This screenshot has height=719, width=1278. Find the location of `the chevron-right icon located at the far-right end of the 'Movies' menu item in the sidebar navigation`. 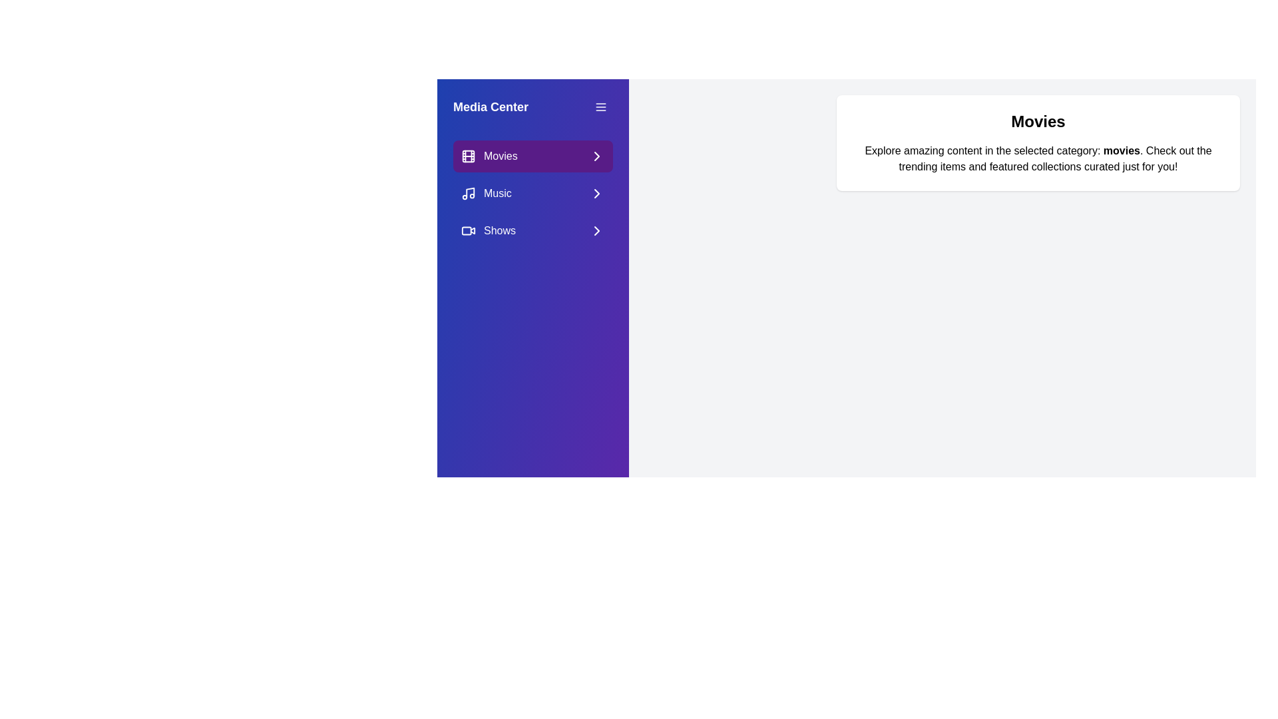

the chevron-right icon located at the far-right end of the 'Movies' menu item in the sidebar navigation is located at coordinates (596, 156).